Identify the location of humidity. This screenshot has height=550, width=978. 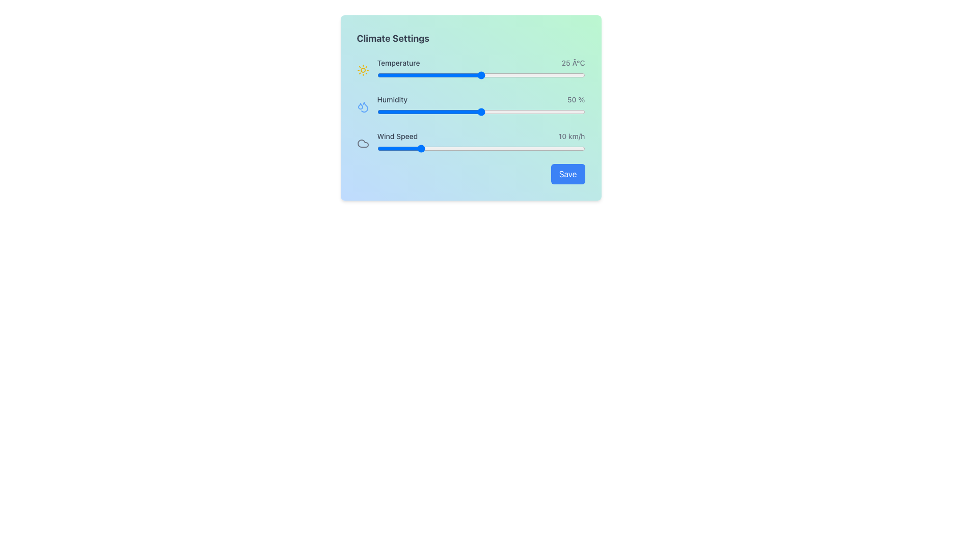
(516, 112).